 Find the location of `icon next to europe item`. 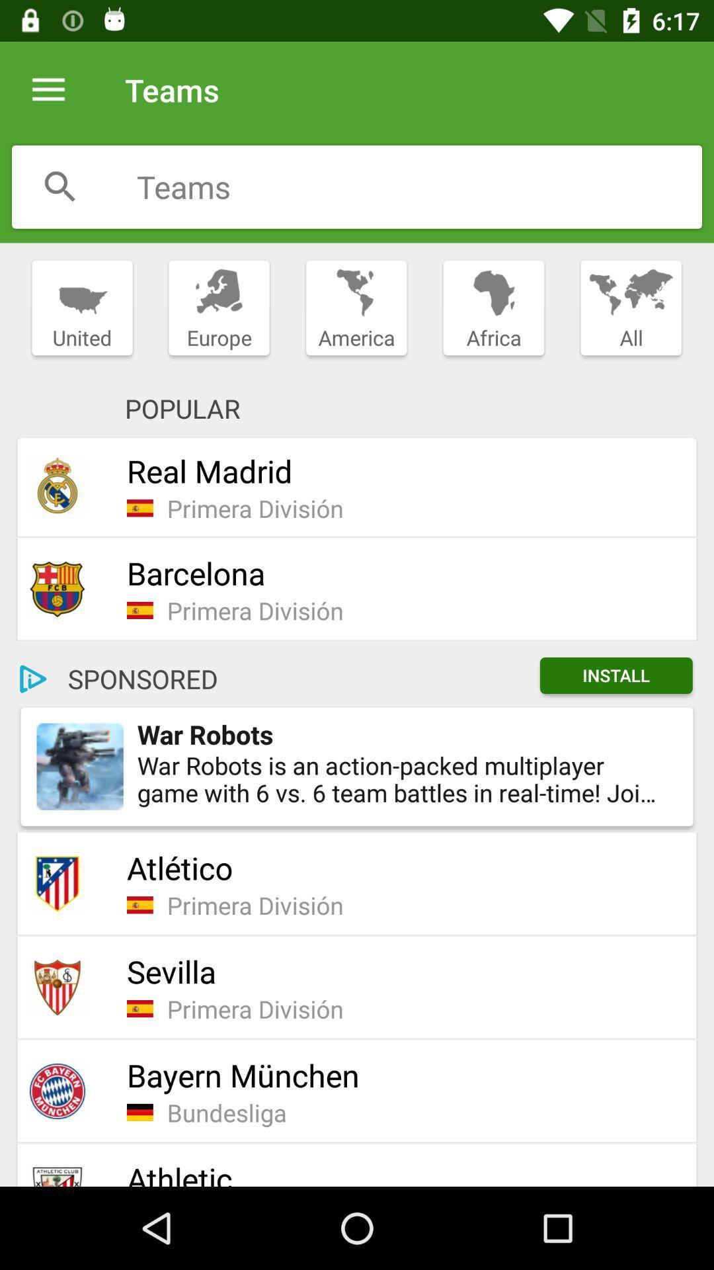

icon next to europe item is located at coordinates (356, 308).